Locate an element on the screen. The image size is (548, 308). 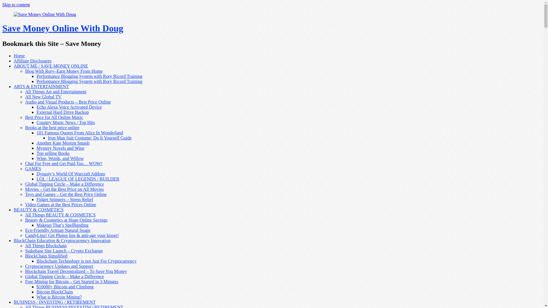
'BlockChain Simplified' is located at coordinates (46, 256).